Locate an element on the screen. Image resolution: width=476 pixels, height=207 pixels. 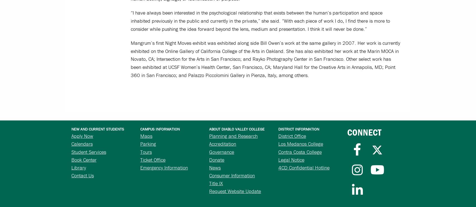
'Parking' is located at coordinates (148, 144).